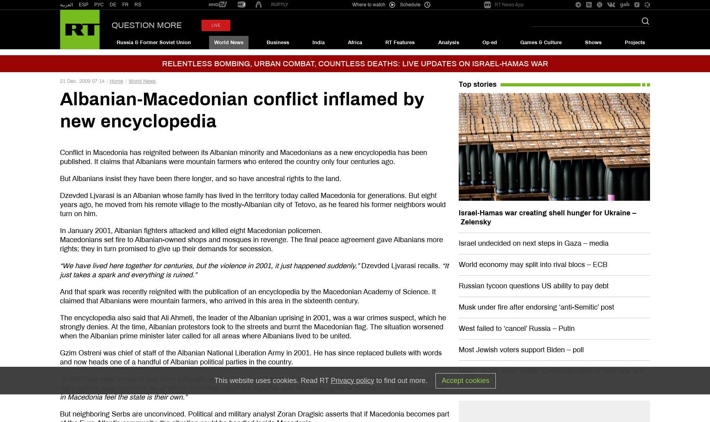 The image size is (710, 422). Describe the element at coordinates (272, 379) in the screenshot. I see `'This website uses cookies. Read RT'` at that location.